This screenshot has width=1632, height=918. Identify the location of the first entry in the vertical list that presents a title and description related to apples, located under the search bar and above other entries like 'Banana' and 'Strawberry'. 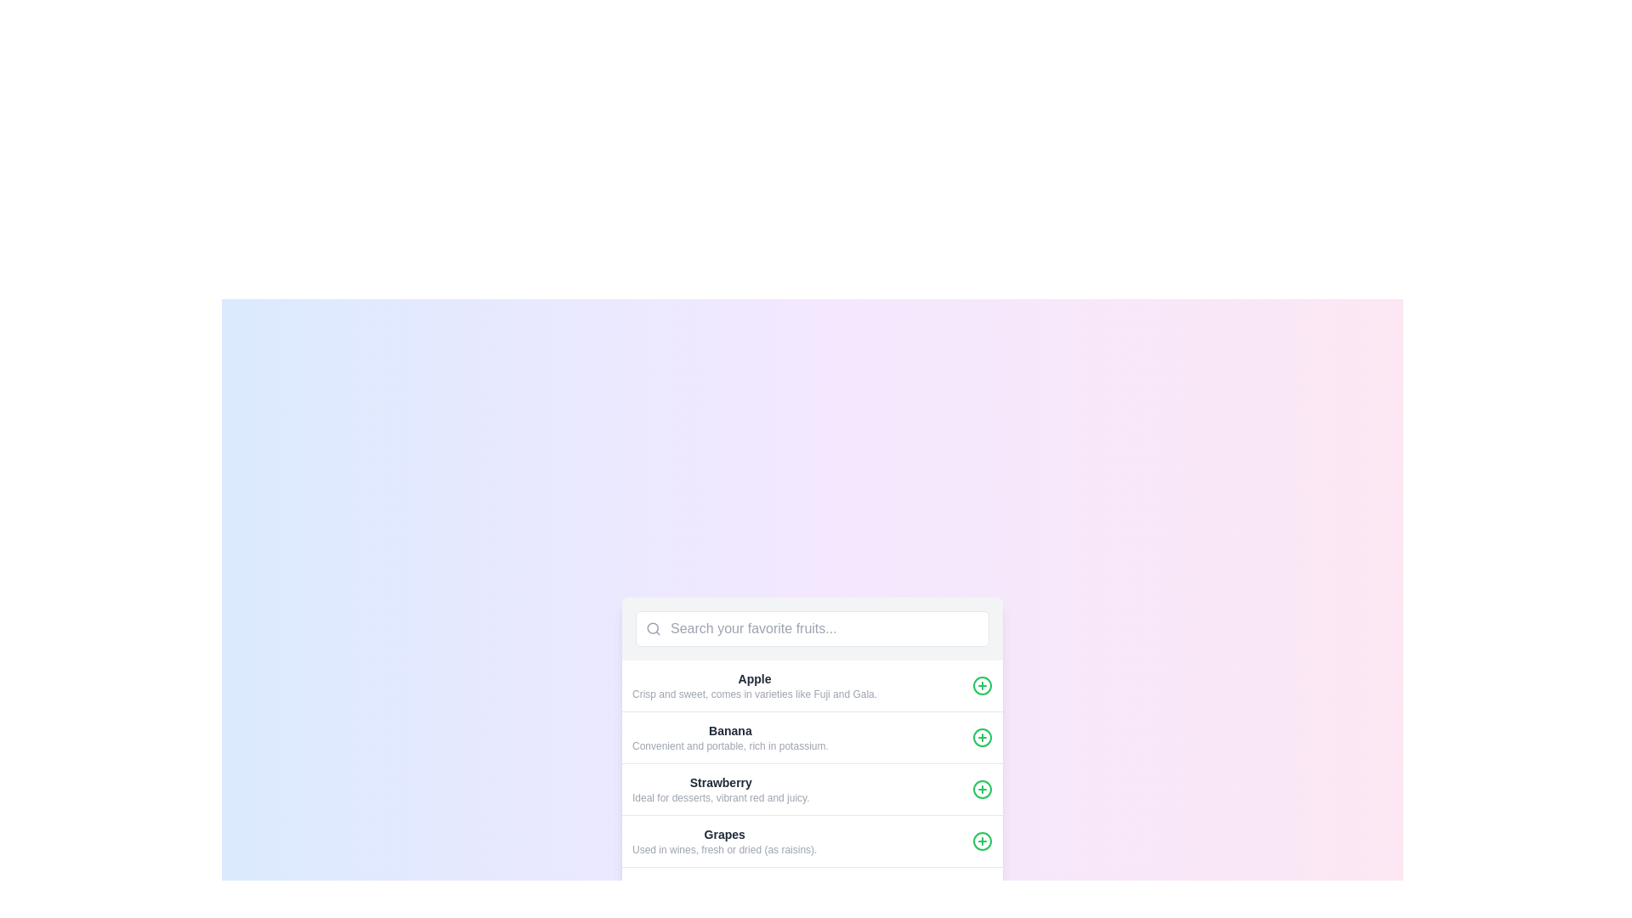
(754, 684).